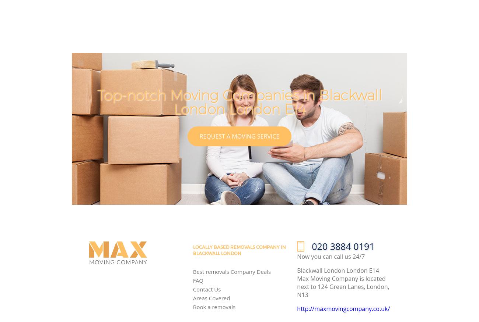  What do you see at coordinates (343, 308) in the screenshot?
I see `'http://maxmovingcompany.co.uk/'` at bounding box center [343, 308].